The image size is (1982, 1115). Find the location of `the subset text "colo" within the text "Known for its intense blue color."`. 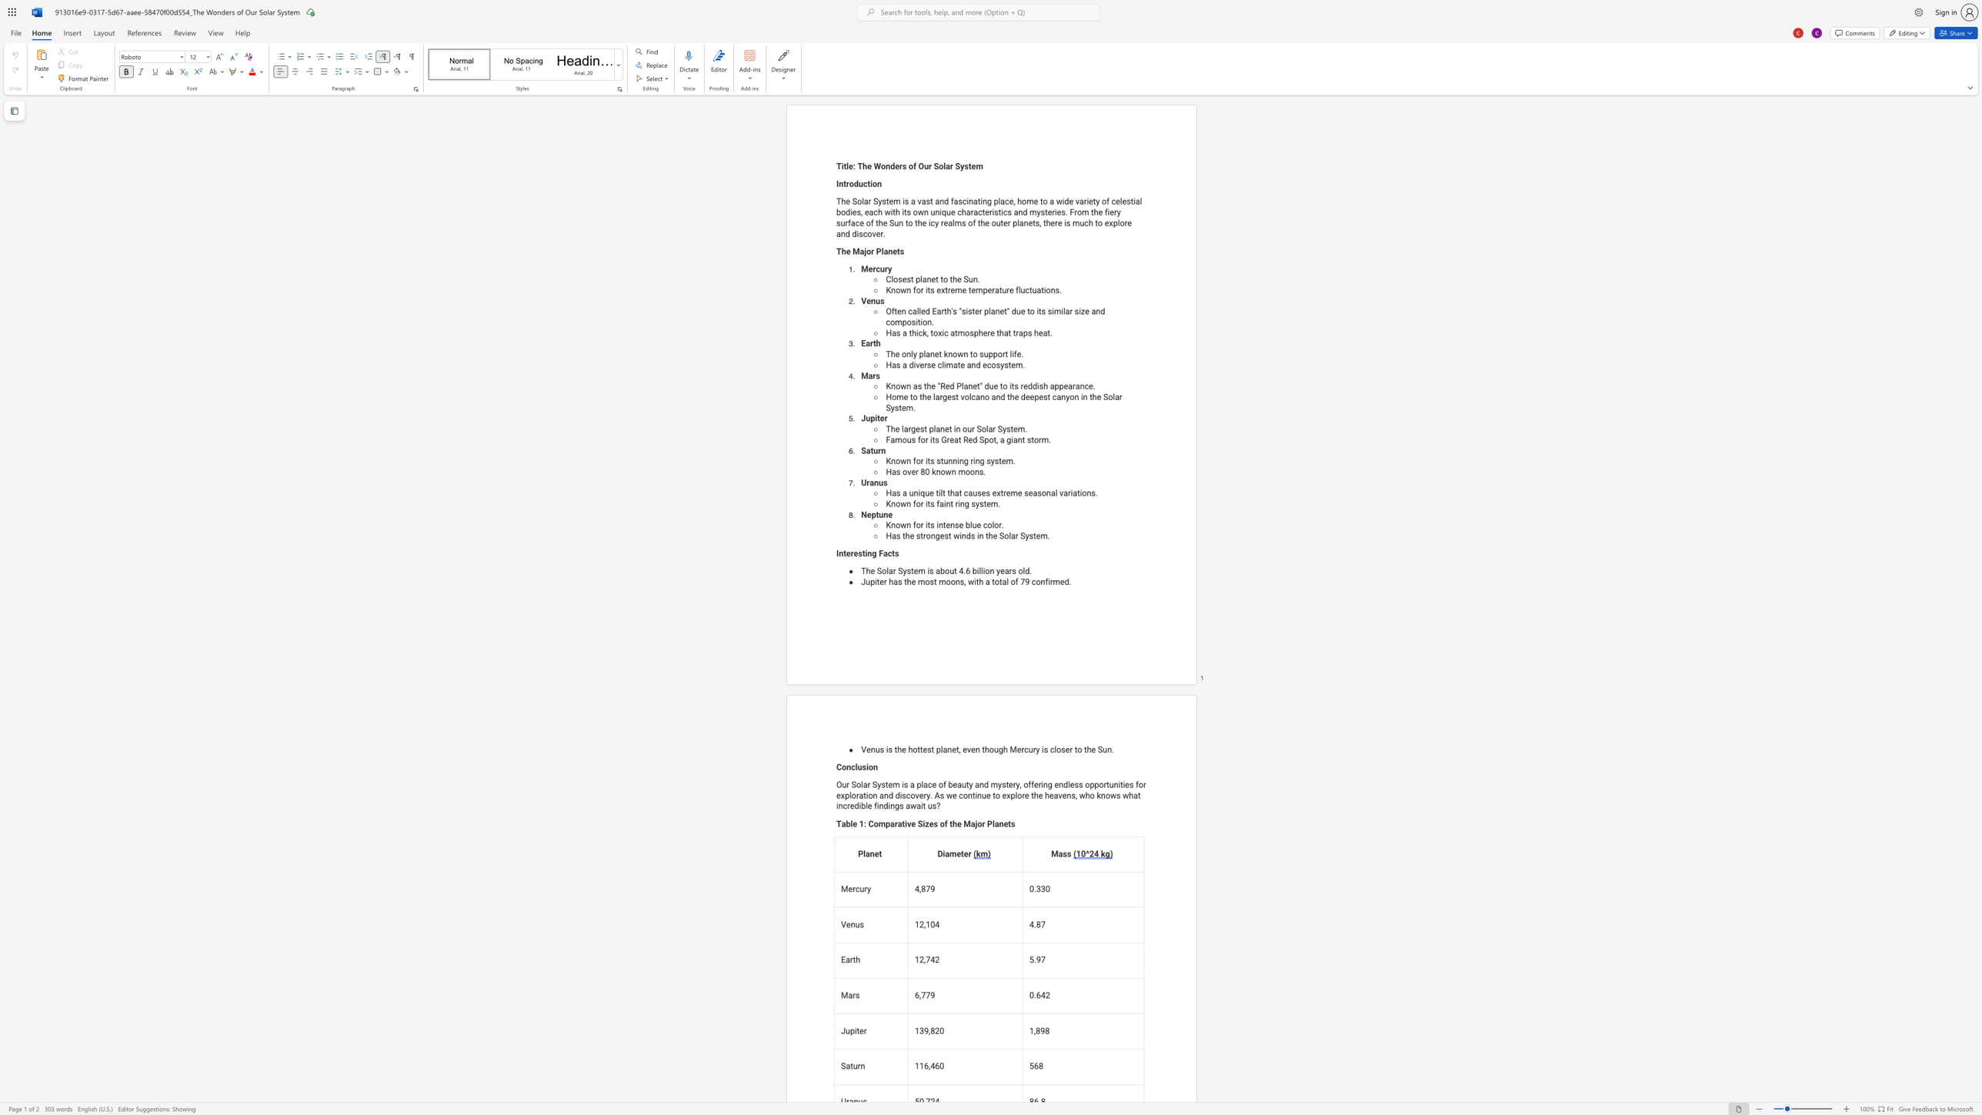

the subset text "colo" within the text "Known for its intense blue color." is located at coordinates (983, 525).